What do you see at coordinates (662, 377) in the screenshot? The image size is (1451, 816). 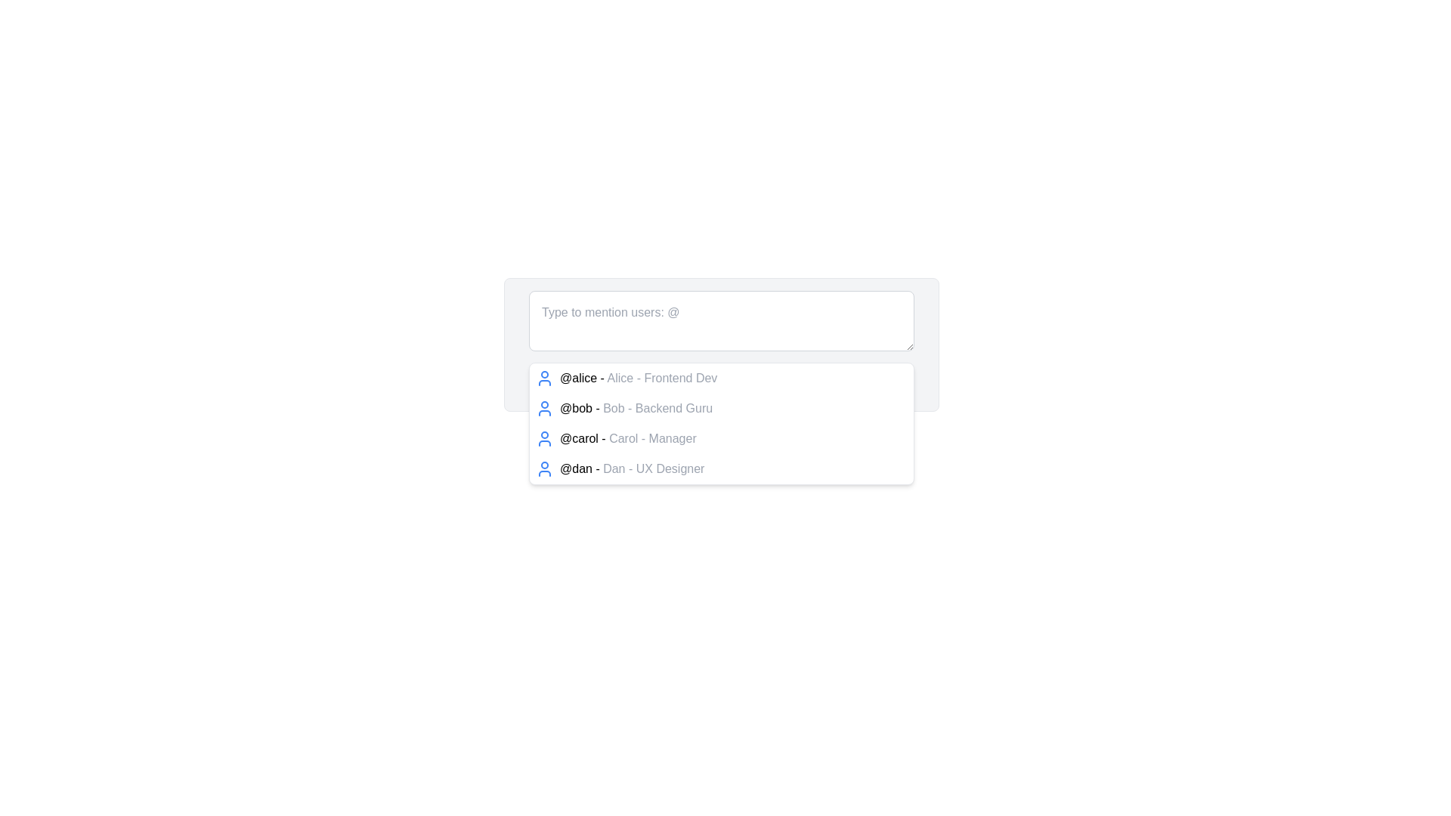 I see `descriptive text about the user '@alice' located in the dropdown list, specifically part of the first entry below the mention input field` at bounding box center [662, 377].